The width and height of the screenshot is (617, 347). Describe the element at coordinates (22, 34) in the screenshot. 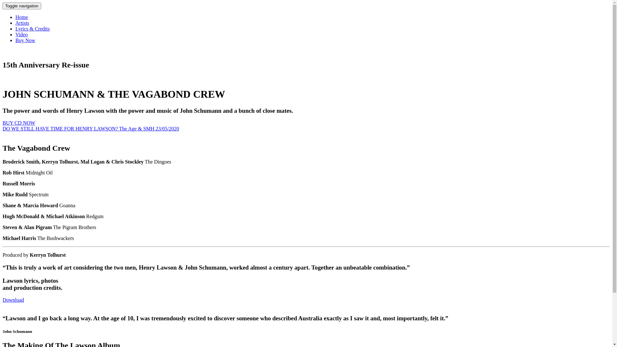

I see `'Video'` at that location.